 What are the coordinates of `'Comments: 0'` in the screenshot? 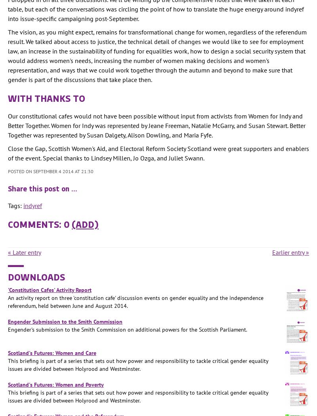 It's located at (40, 223).